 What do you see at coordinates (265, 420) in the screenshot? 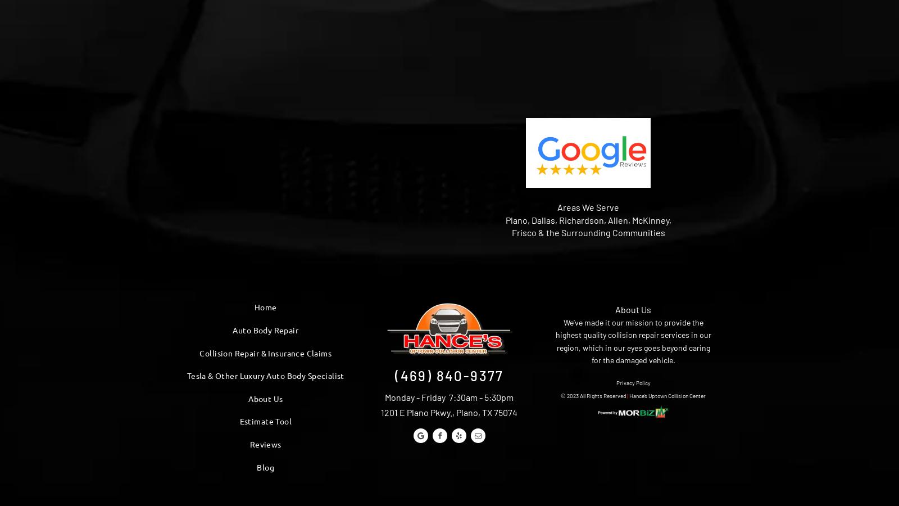
I see `'Estimate Tool'` at bounding box center [265, 420].